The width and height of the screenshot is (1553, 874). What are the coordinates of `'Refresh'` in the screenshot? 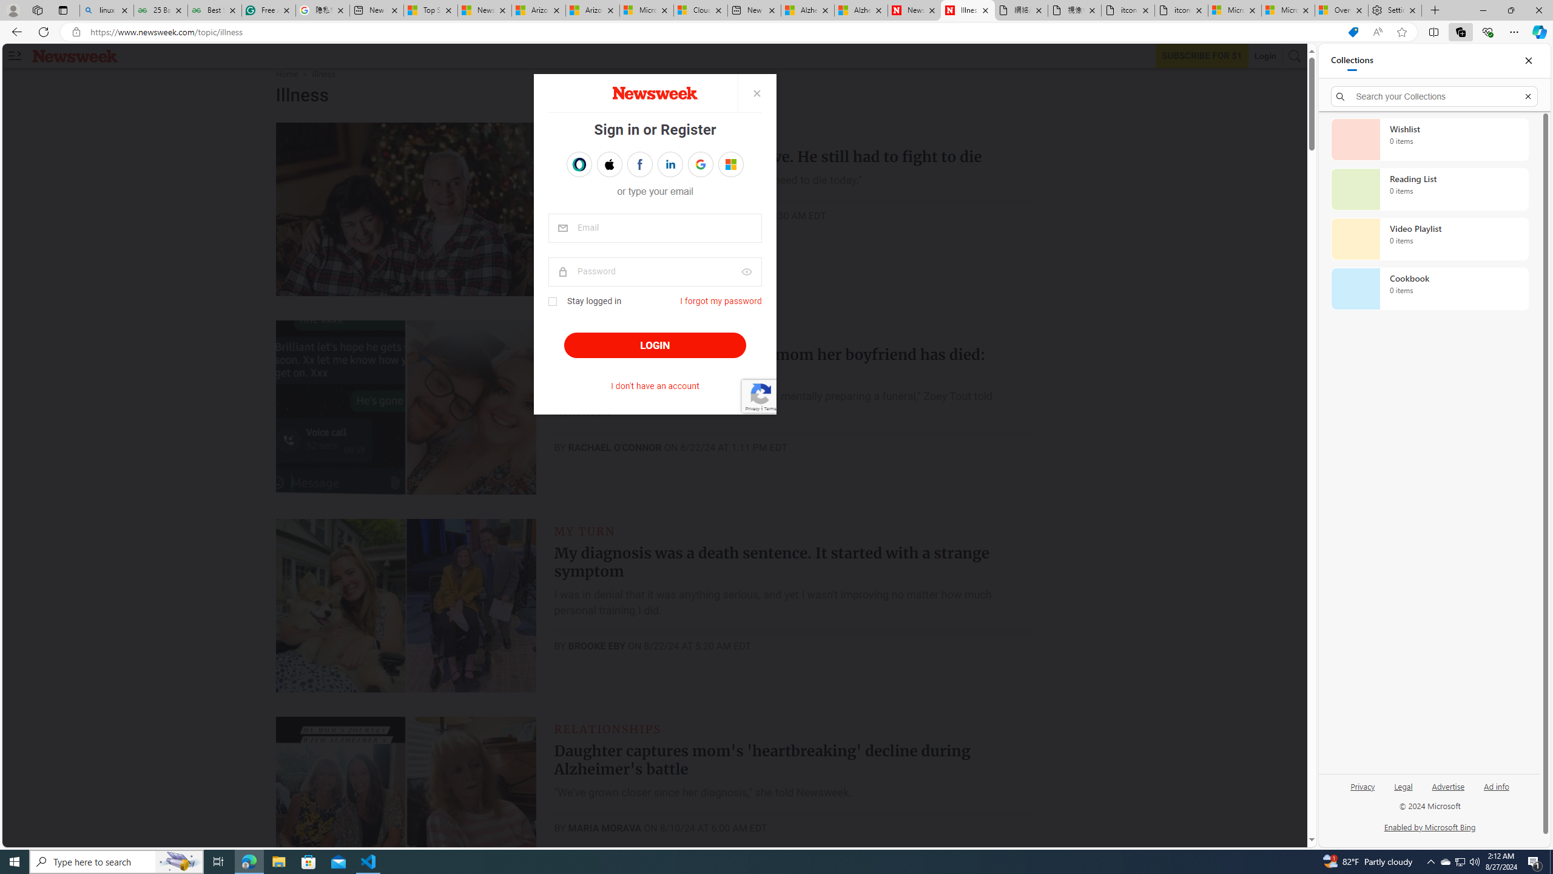 It's located at (42, 31).